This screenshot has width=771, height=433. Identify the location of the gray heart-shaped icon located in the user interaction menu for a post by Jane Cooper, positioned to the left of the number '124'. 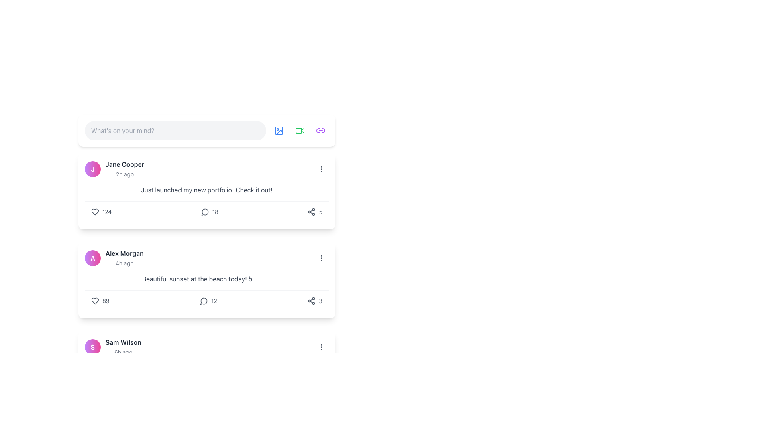
(95, 211).